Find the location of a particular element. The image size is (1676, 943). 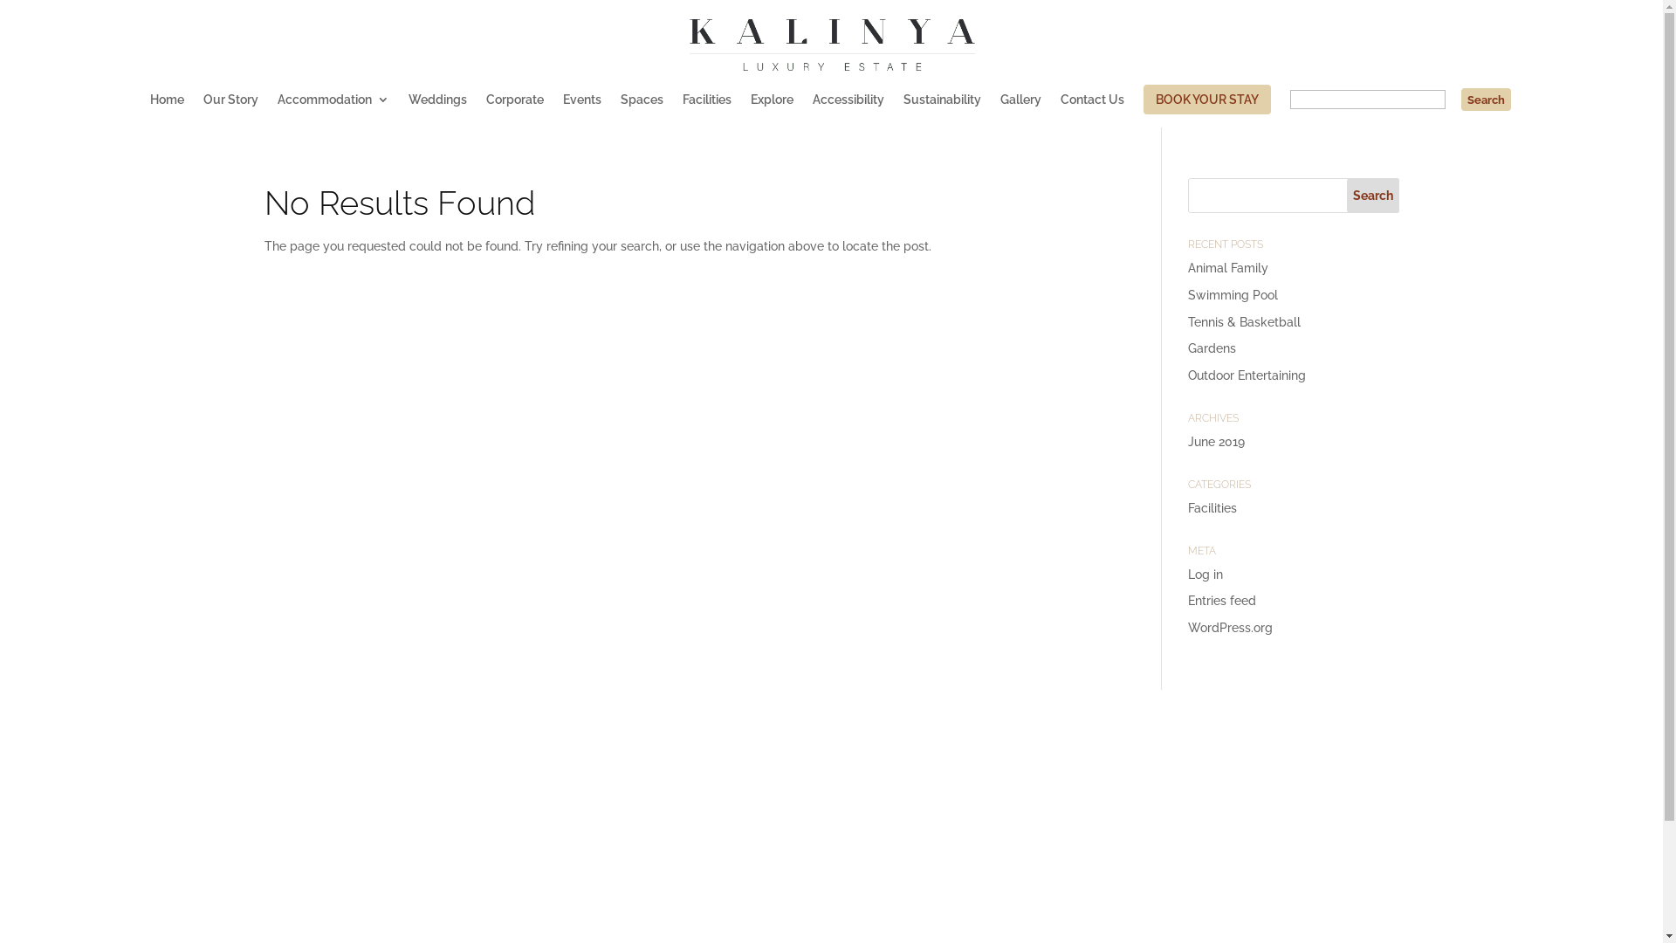

'WordPress.org' is located at coordinates (1229, 626).